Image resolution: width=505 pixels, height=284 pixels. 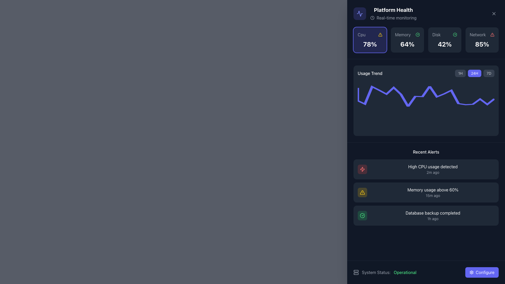 I want to click on the icon located within the 'Configure' button at the bottom-right corner of the UI, which visually signals customization or settings, so click(x=471, y=272).